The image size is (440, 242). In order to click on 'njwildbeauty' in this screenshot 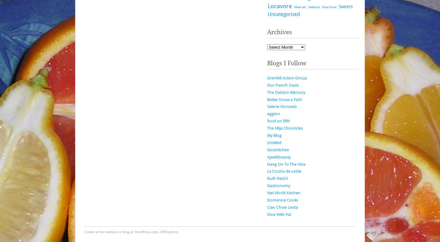, I will do `click(279, 157)`.